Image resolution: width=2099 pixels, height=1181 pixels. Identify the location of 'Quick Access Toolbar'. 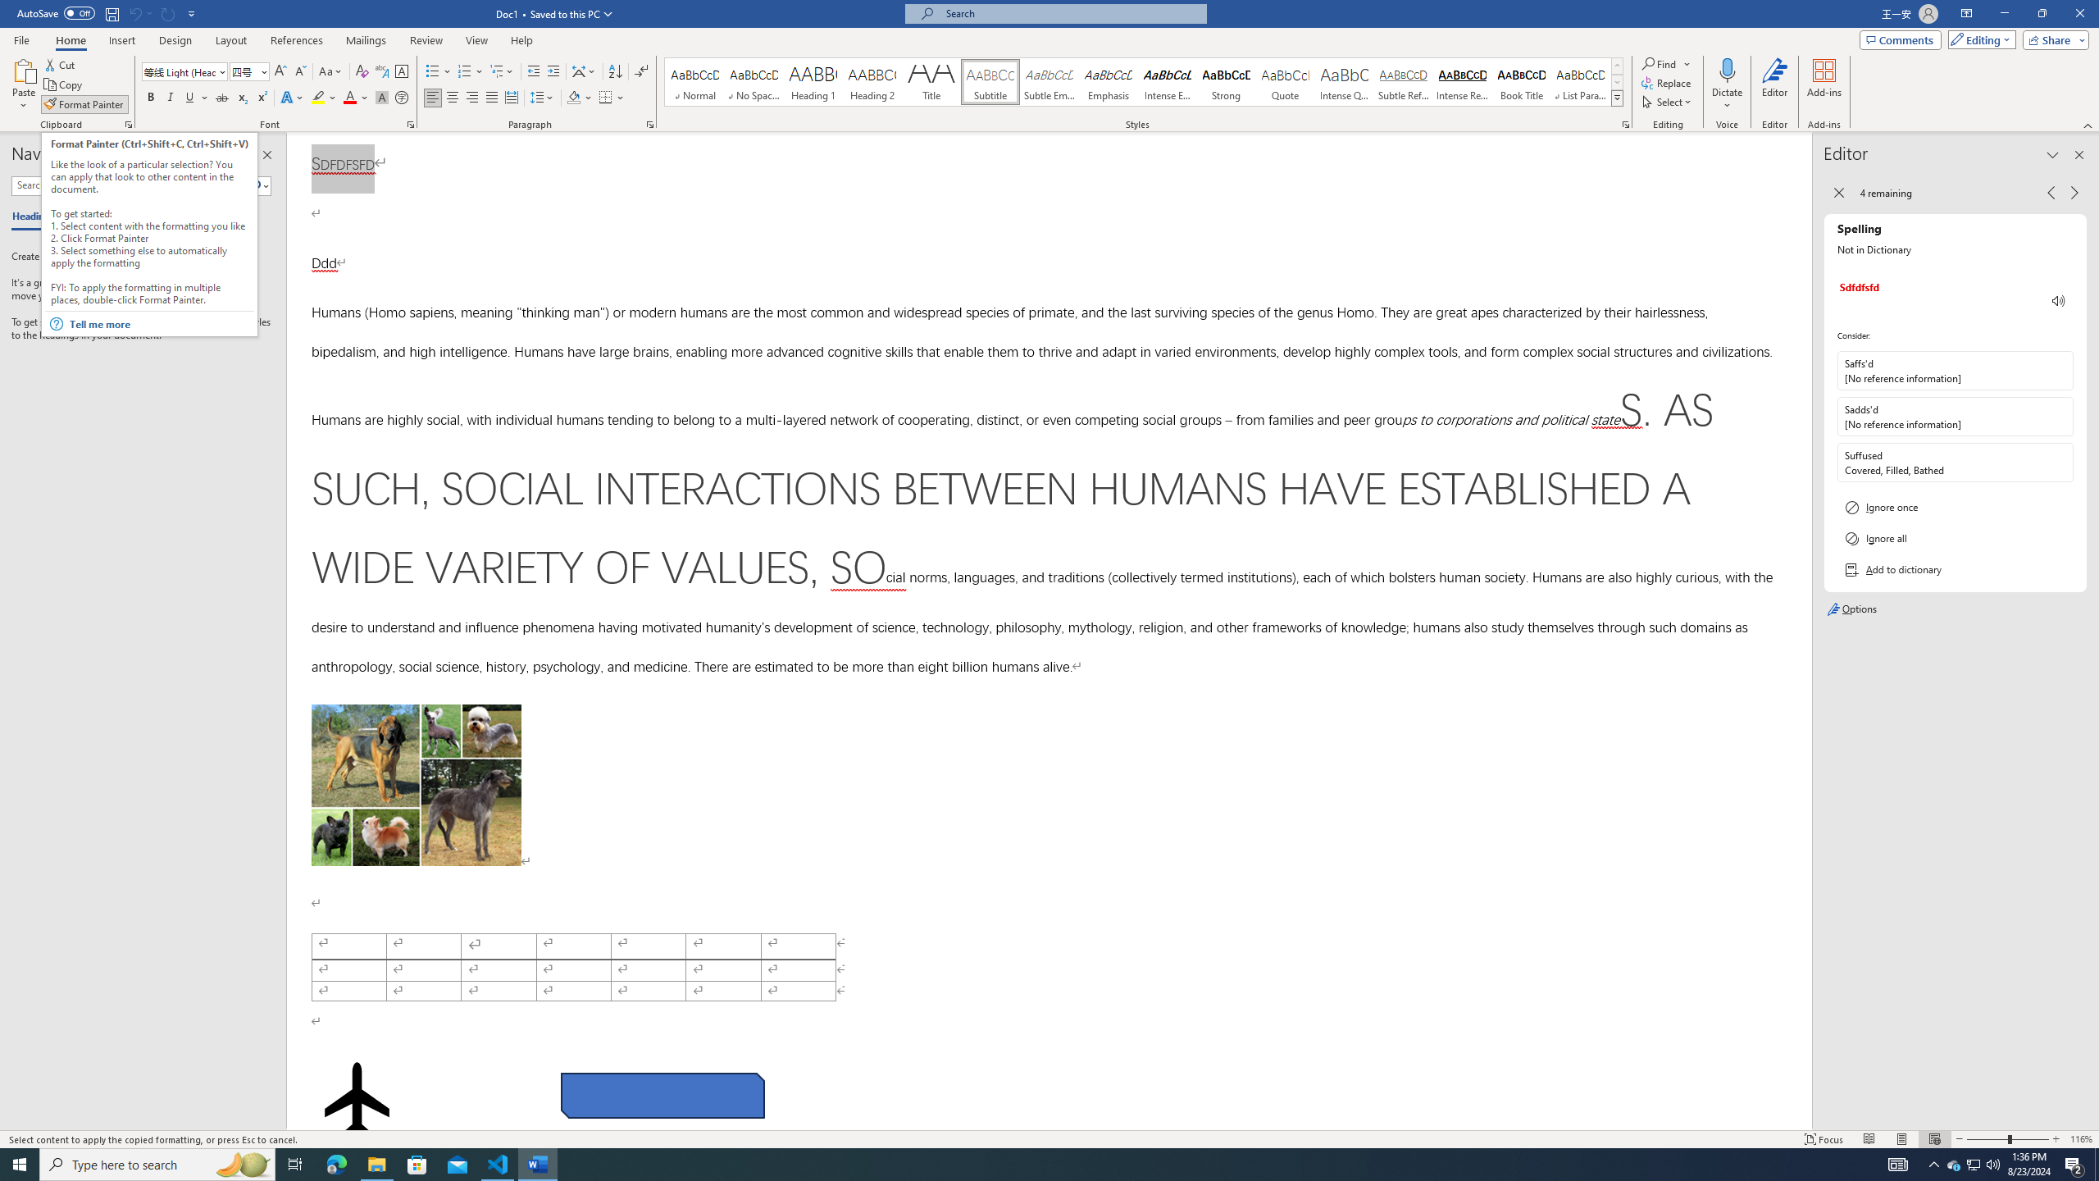
(107, 13).